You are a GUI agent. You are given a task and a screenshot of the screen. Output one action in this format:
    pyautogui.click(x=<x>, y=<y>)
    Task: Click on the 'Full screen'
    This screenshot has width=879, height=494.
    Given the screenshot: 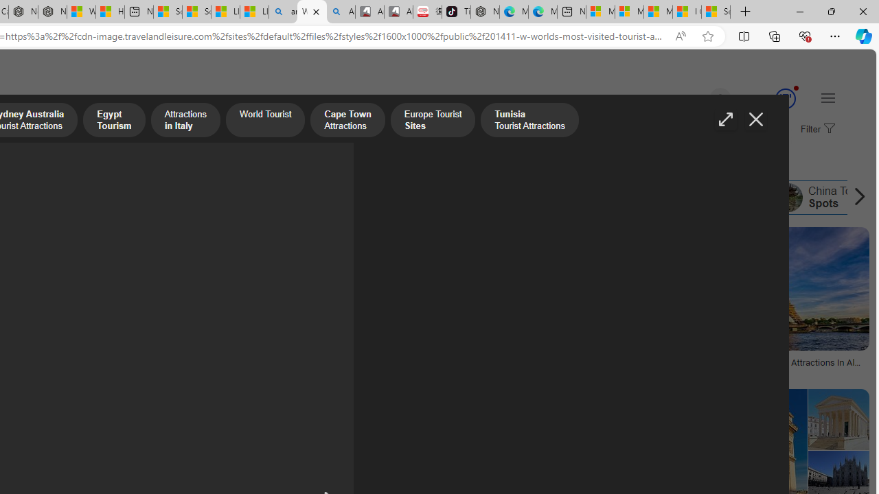 What is the action you would take?
    pyautogui.click(x=724, y=119)
    